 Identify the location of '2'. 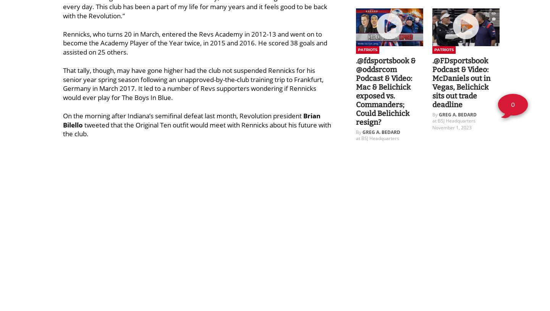
(413, 18).